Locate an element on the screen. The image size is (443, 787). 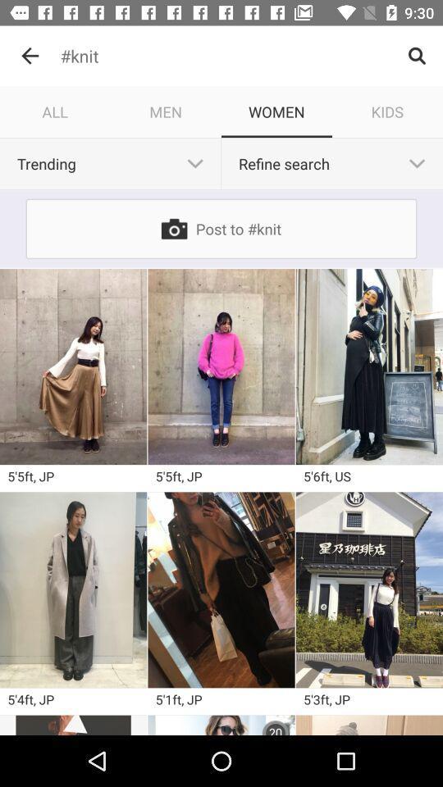
picture is located at coordinates (369, 589).